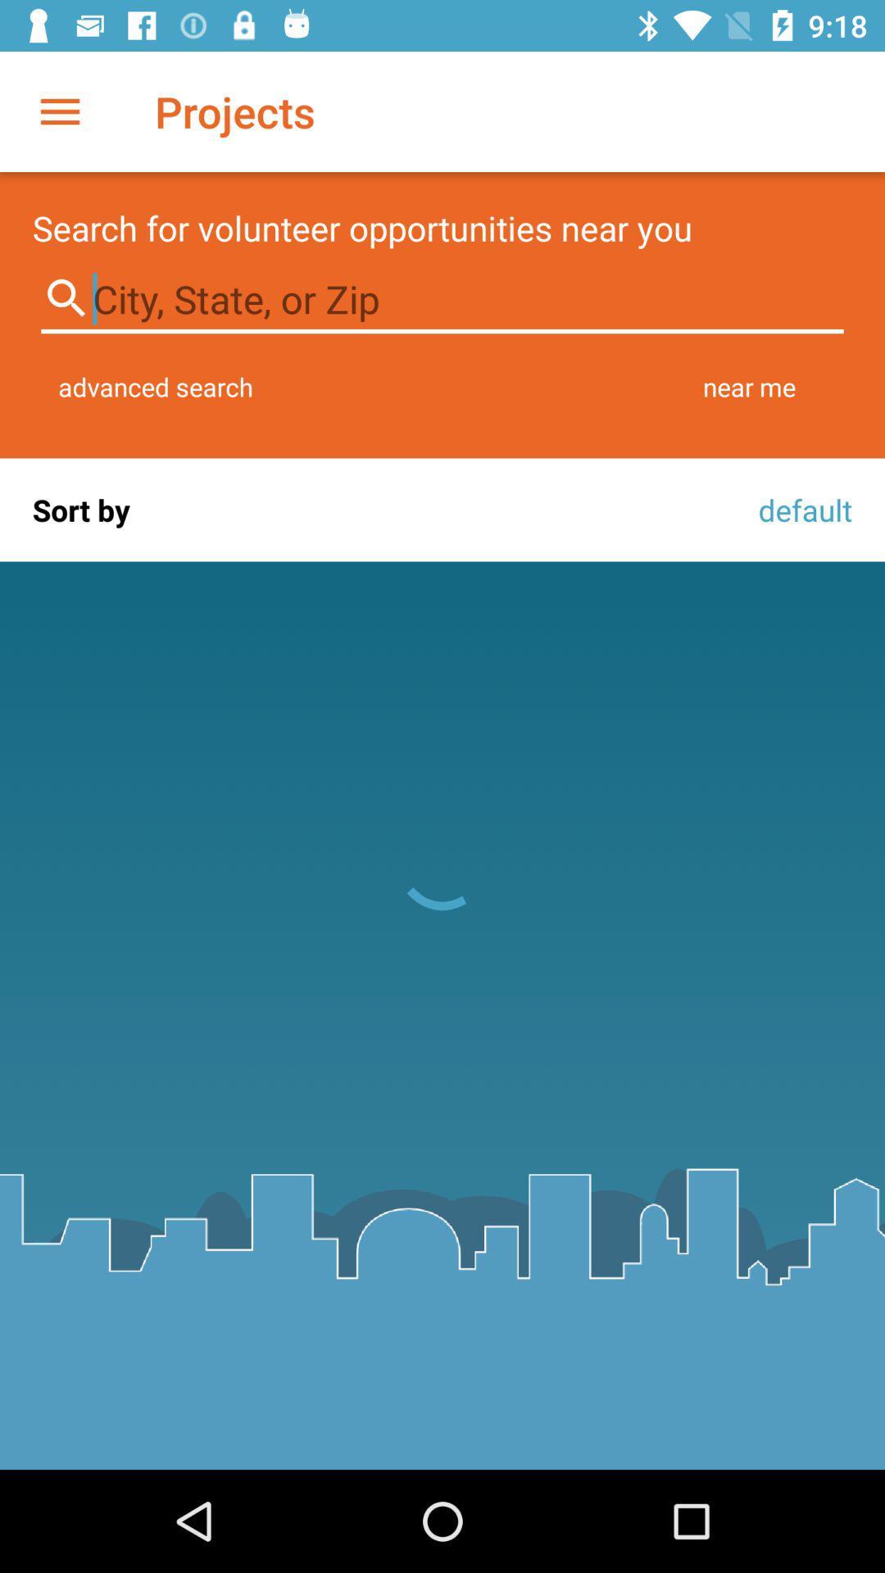 The height and width of the screenshot is (1573, 885). I want to click on open menu, so click(59, 111).